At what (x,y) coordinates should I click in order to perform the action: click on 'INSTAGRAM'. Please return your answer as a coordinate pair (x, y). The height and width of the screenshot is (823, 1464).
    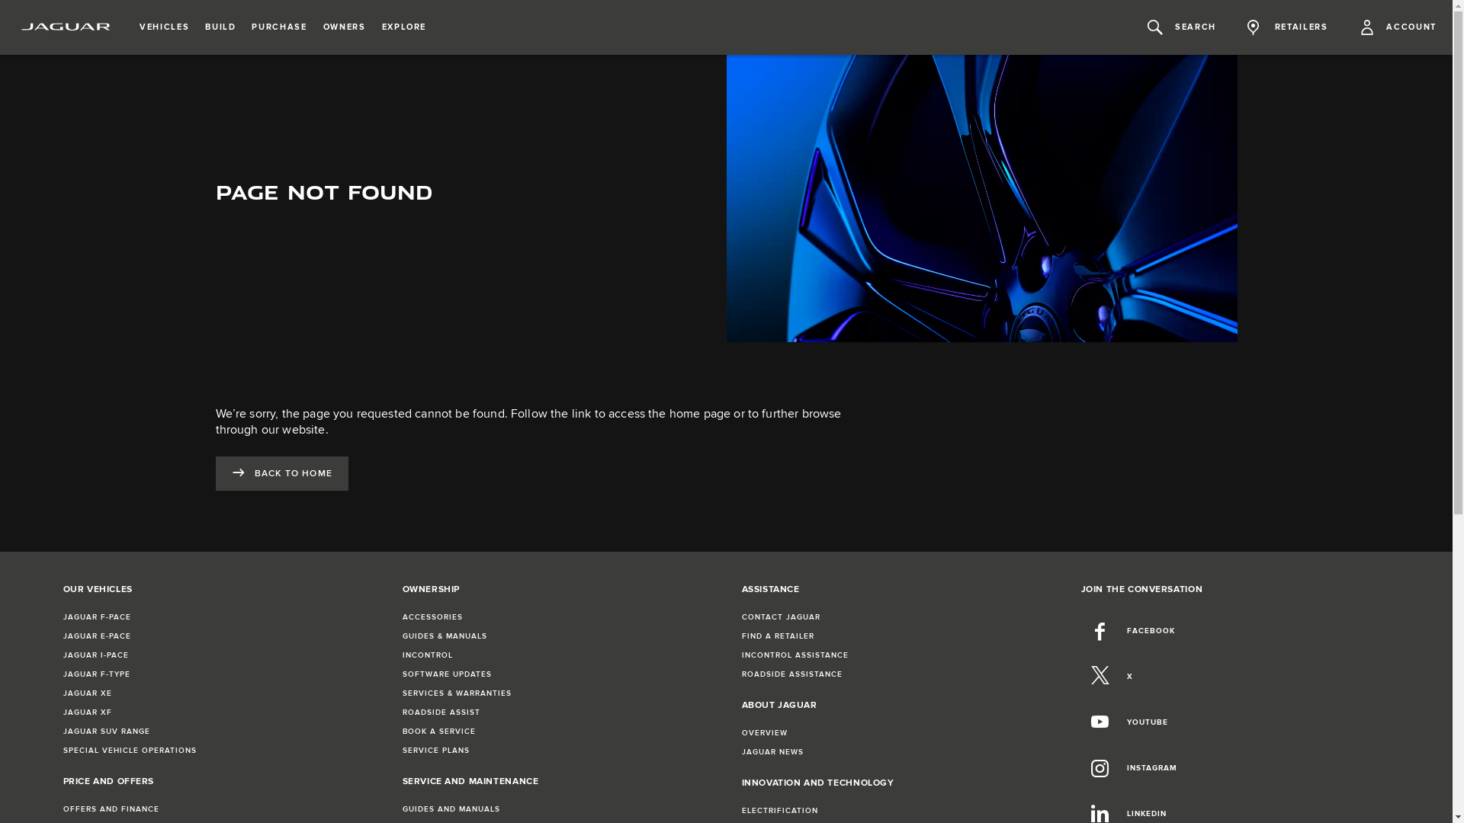
    Looking at the image, I should click on (1129, 767).